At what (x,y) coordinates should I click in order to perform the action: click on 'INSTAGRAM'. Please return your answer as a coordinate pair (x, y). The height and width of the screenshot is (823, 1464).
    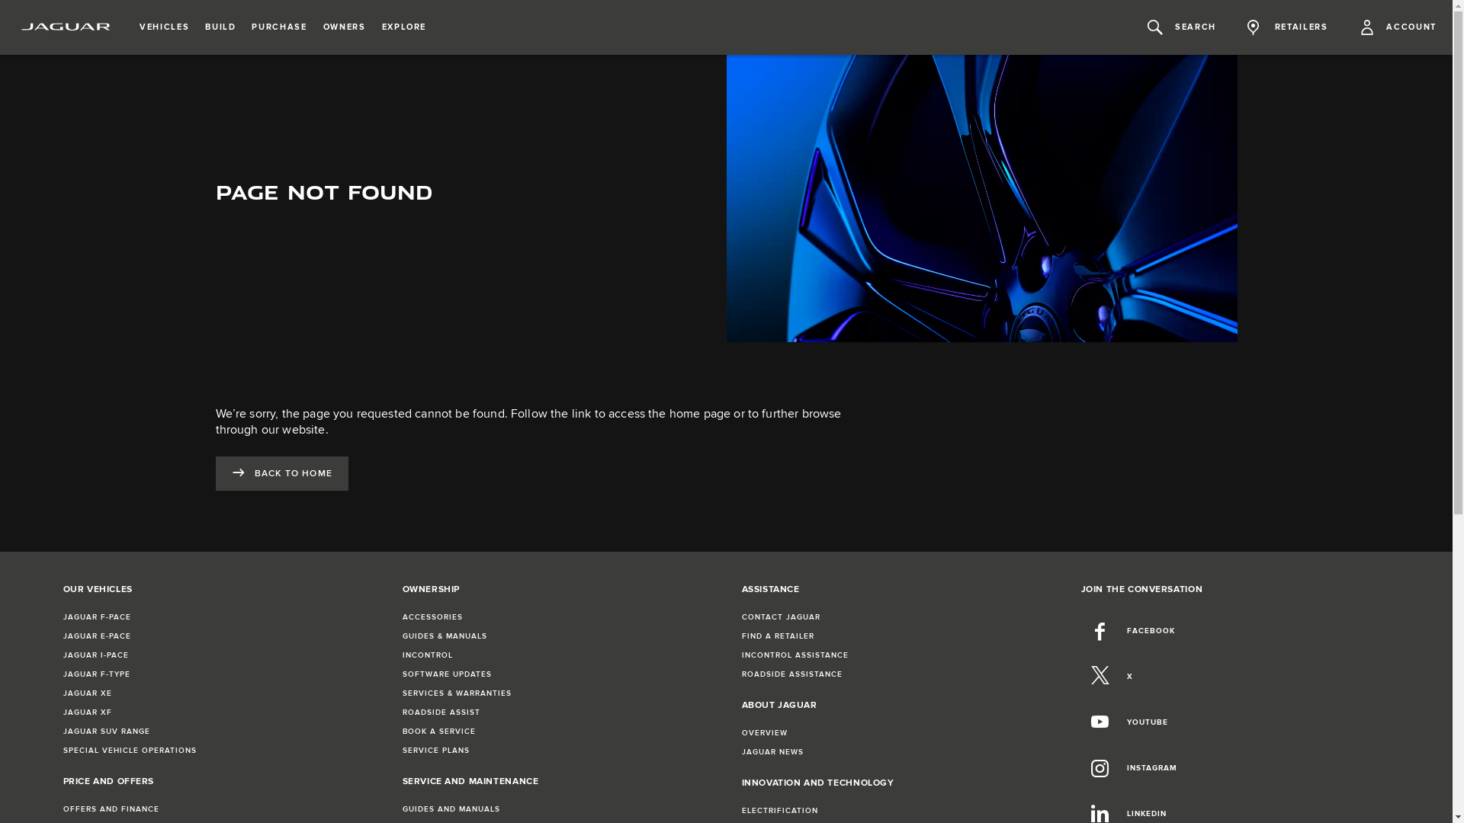
    Looking at the image, I should click on (1129, 767).